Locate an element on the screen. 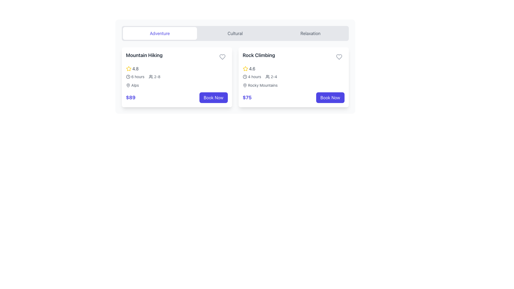 The height and width of the screenshot is (289, 514). the text element that indicates the geographical location related to the 'Rock Climbing' activity, which is positioned below the title and follows a map pin icon is located at coordinates (263, 85).